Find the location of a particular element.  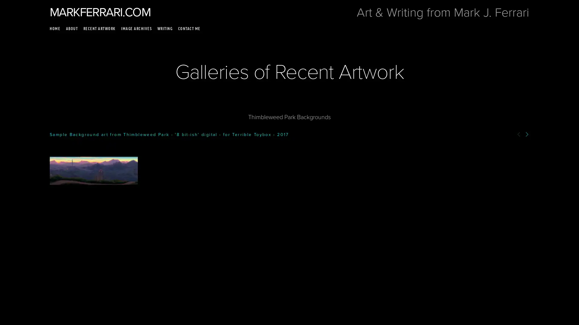

Next is located at coordinates (527, 134).